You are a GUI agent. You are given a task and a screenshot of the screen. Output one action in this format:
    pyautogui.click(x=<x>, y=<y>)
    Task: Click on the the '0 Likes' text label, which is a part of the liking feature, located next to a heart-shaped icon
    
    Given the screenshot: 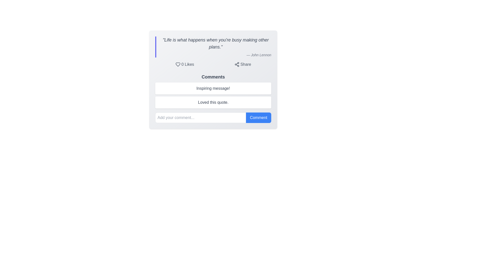 What is the action you would take?
    pyautogui.click(x=187, y=64)
    